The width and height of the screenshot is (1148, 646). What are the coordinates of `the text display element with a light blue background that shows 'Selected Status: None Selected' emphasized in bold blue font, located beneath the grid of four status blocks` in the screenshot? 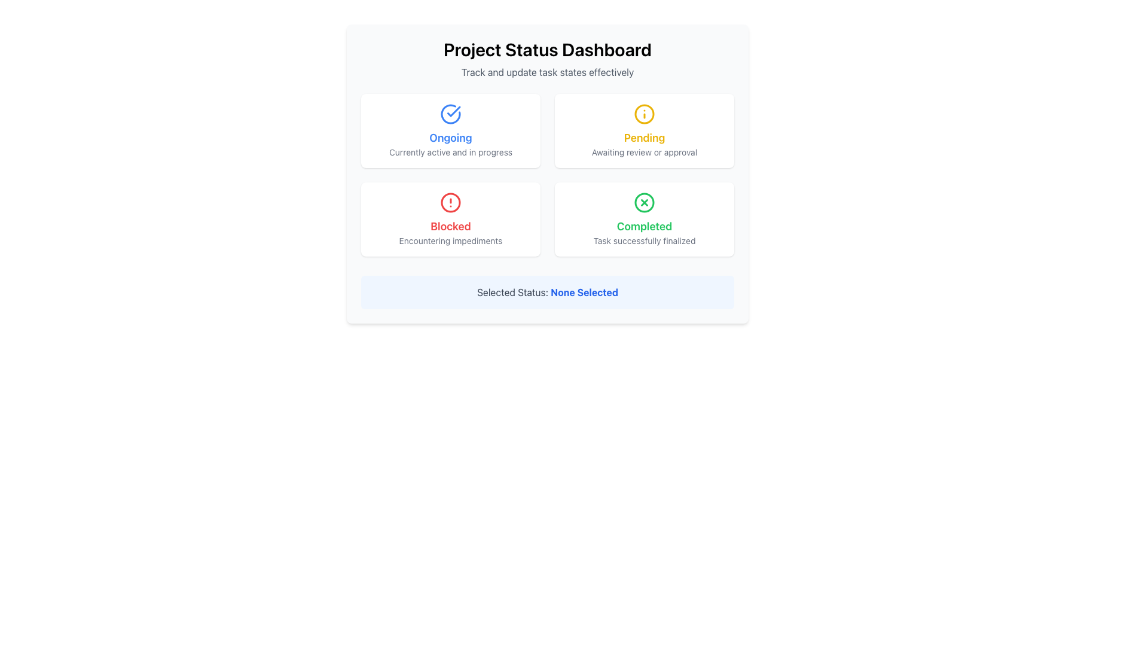 It's located at (547, 292).